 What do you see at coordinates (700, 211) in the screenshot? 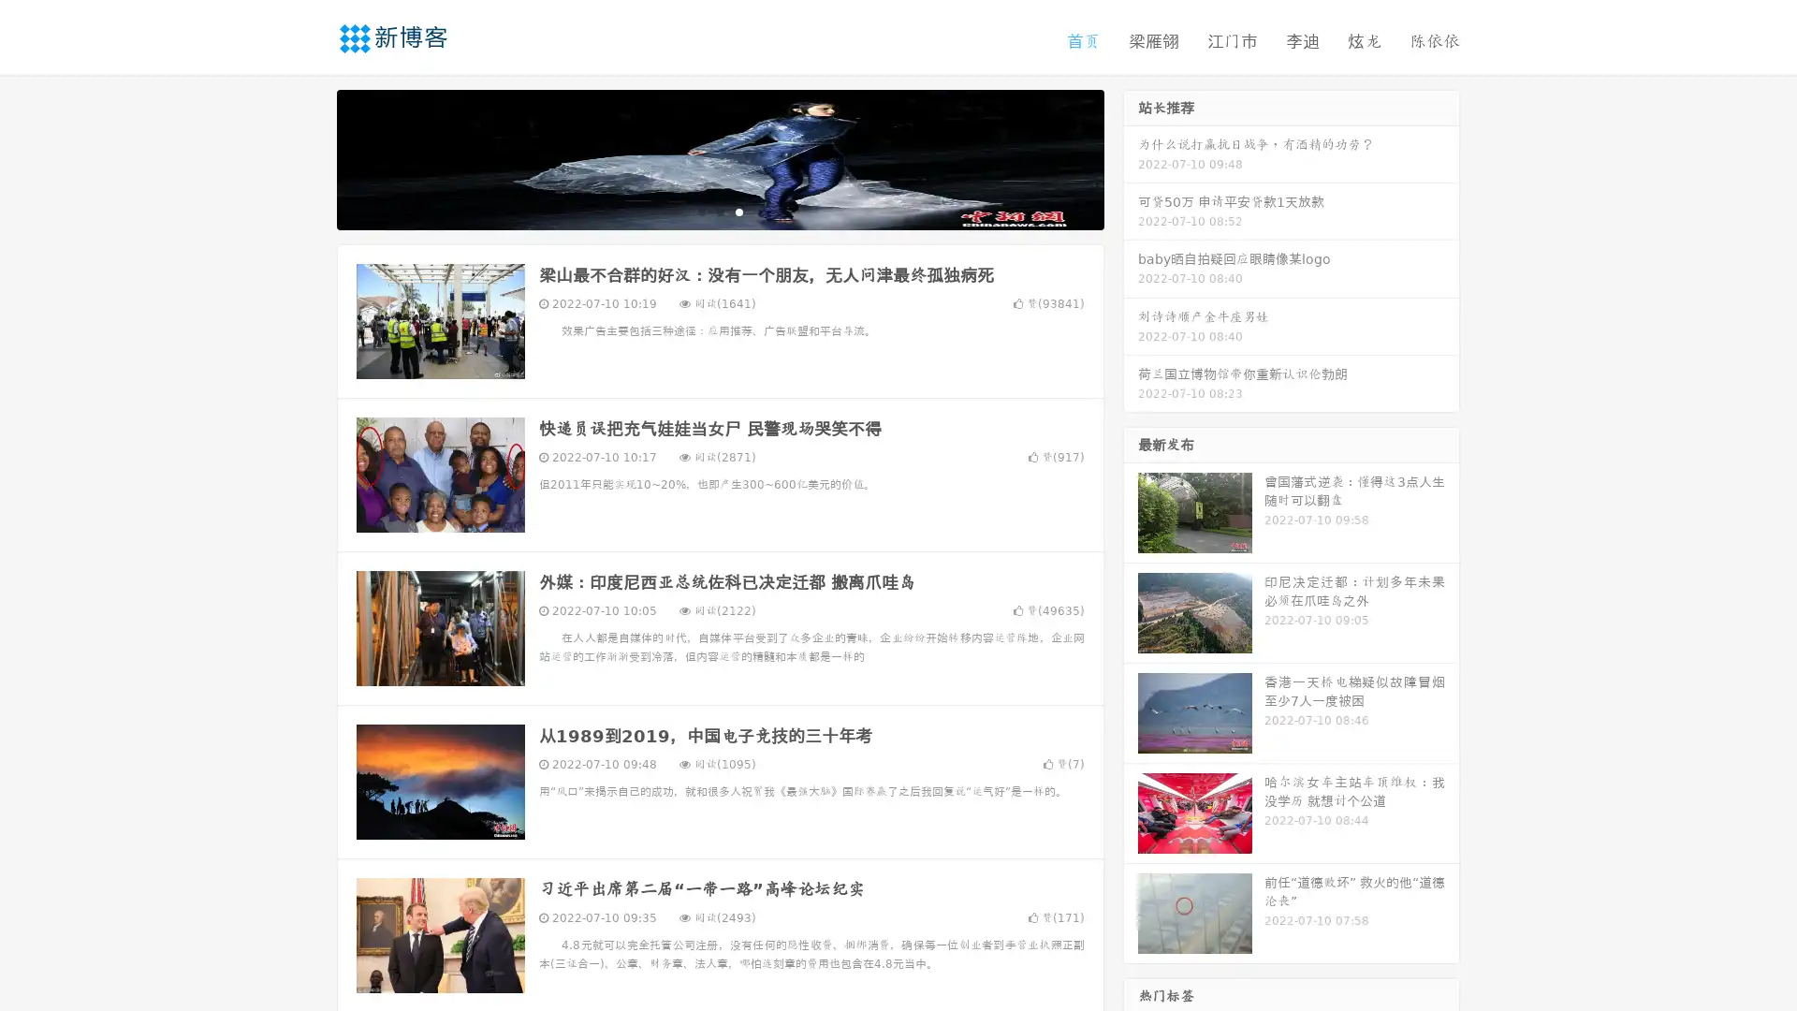
I see `Go to slide 1` at bounding box center [700, 211].